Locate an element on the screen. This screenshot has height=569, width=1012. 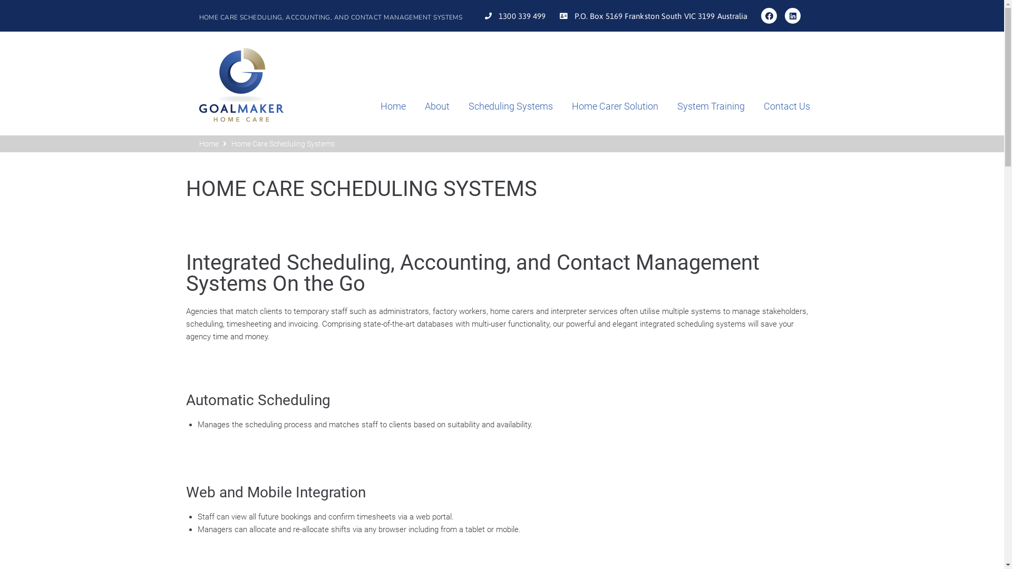
'1300 339 499' is located at coordinates (514, 15).